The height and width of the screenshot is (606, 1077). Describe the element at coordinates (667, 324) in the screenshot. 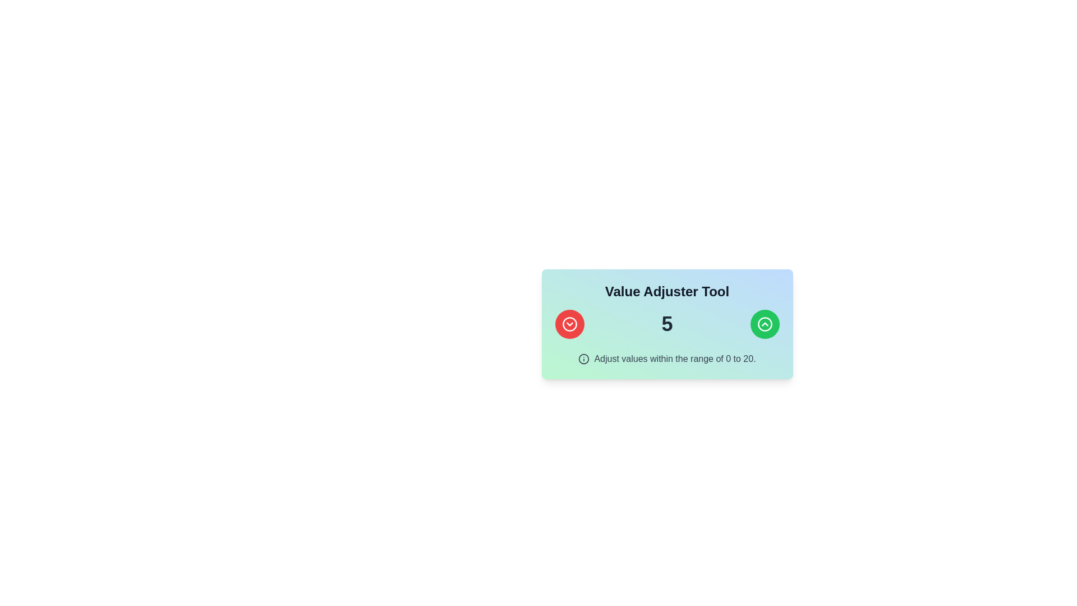

I see `the static text element that displays the current numerical value in the 'Value Adjuster Tool' card, positioned between the red downwards arrow button and the green upwards arrow button` at that location.